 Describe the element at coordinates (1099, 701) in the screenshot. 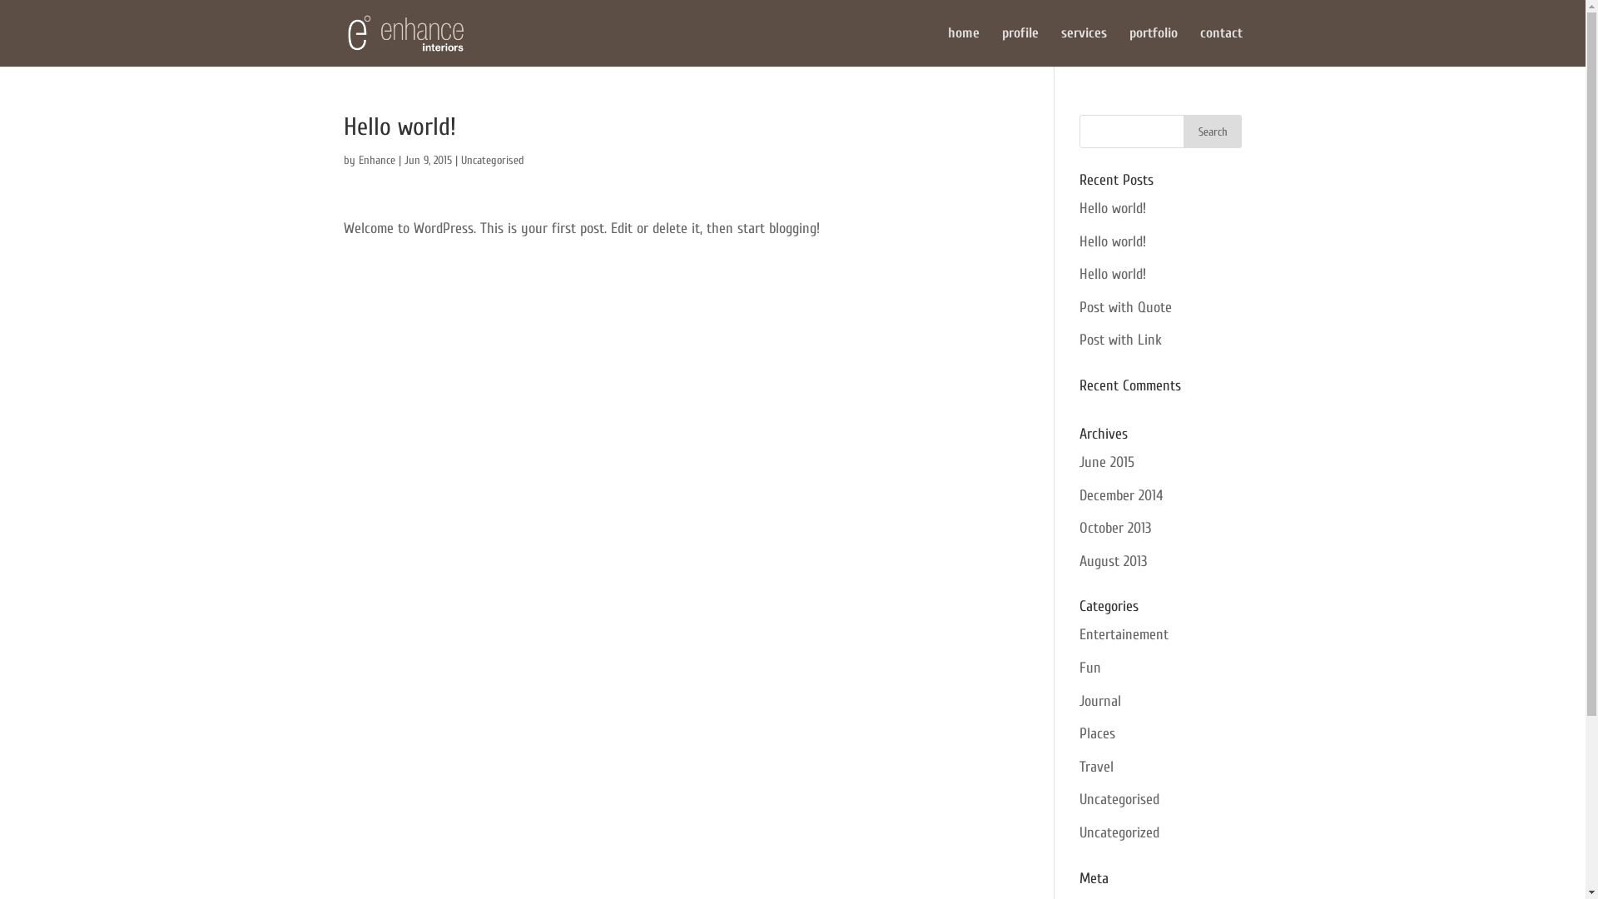

I see `'Journal'` at that location.